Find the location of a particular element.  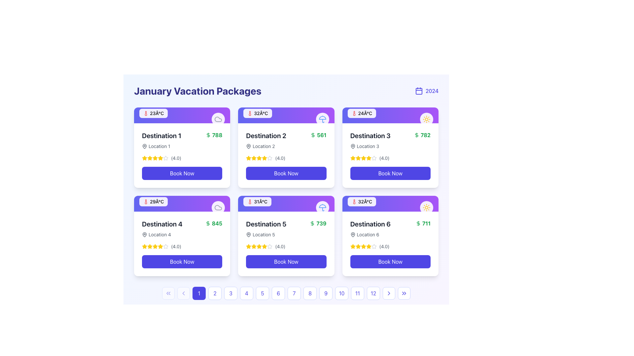

the third yellow filled rating star in the rating section of the card for 'Destination 1' is located at coordinates (150, 158).